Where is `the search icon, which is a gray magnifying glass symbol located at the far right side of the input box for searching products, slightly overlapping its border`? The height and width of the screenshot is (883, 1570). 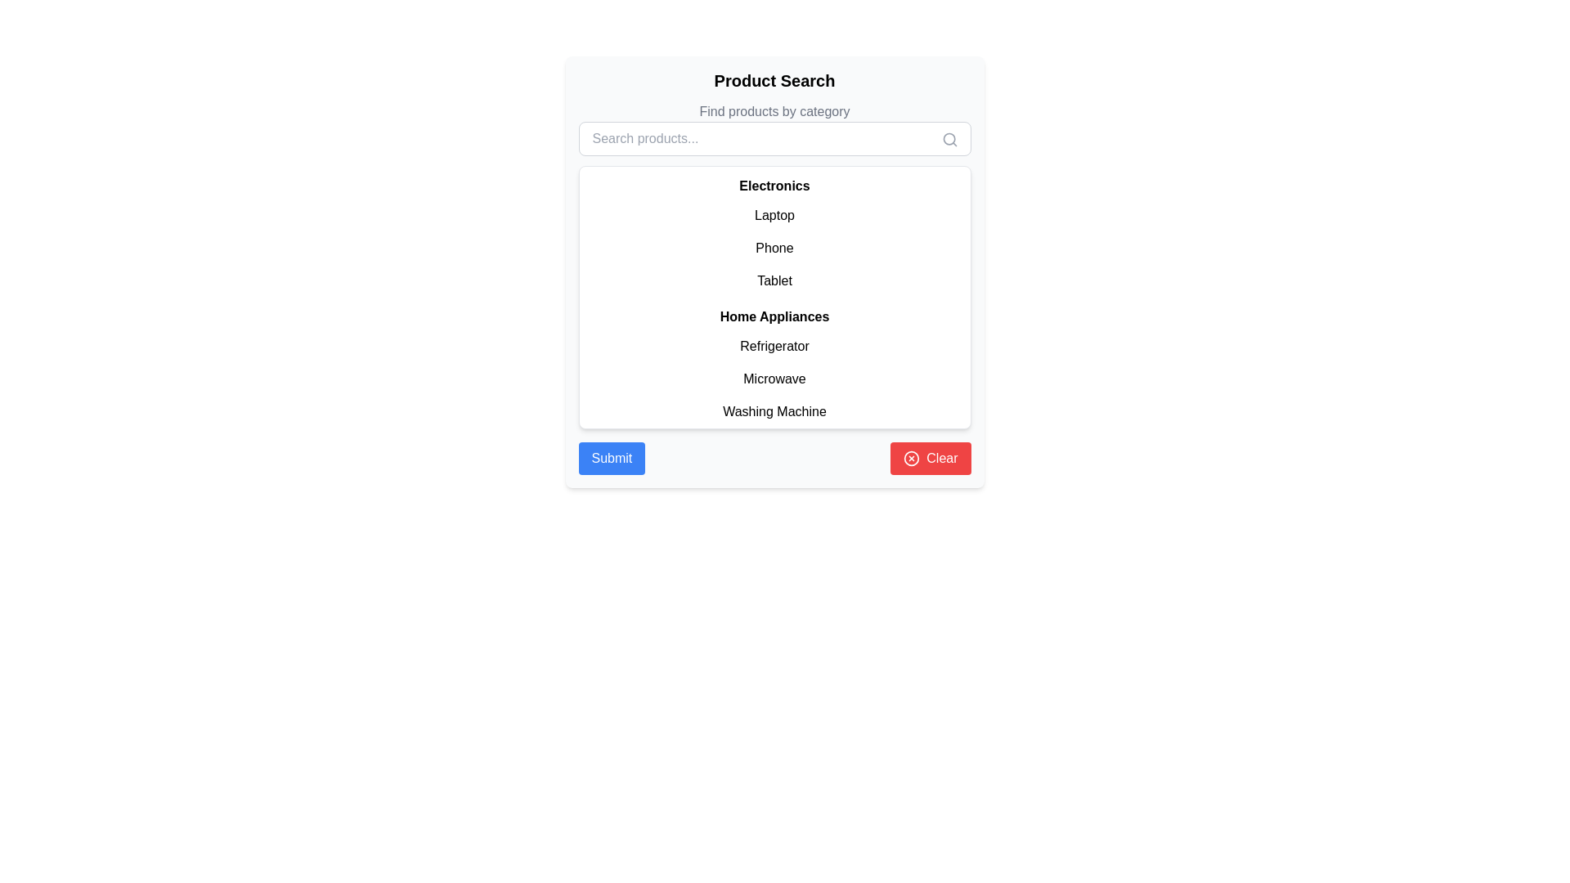
the search icon, which is a gray magnifying glass symbol located at the far right side of the input box for searching products, slightly overlapping its border is located at coordinates (949, 138).